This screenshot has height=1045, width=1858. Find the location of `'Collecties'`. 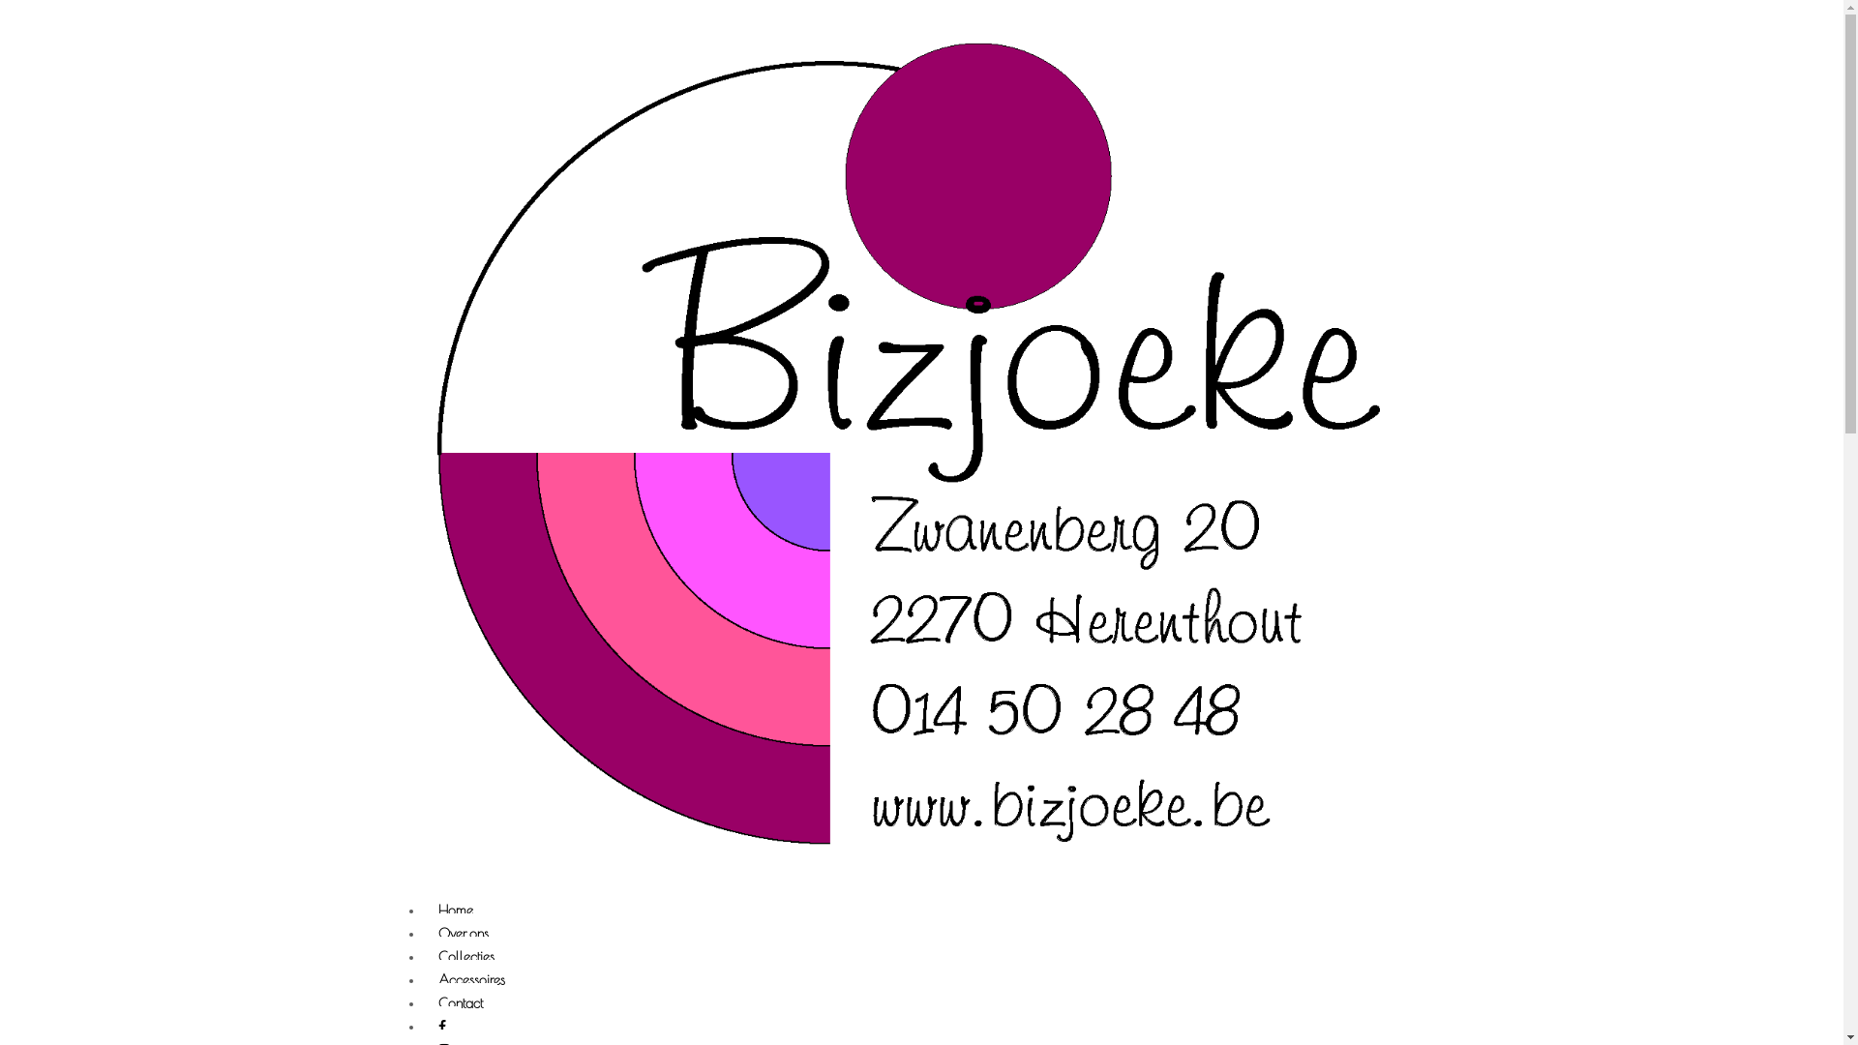

'Collecties' is located at coordinates (465, 958).